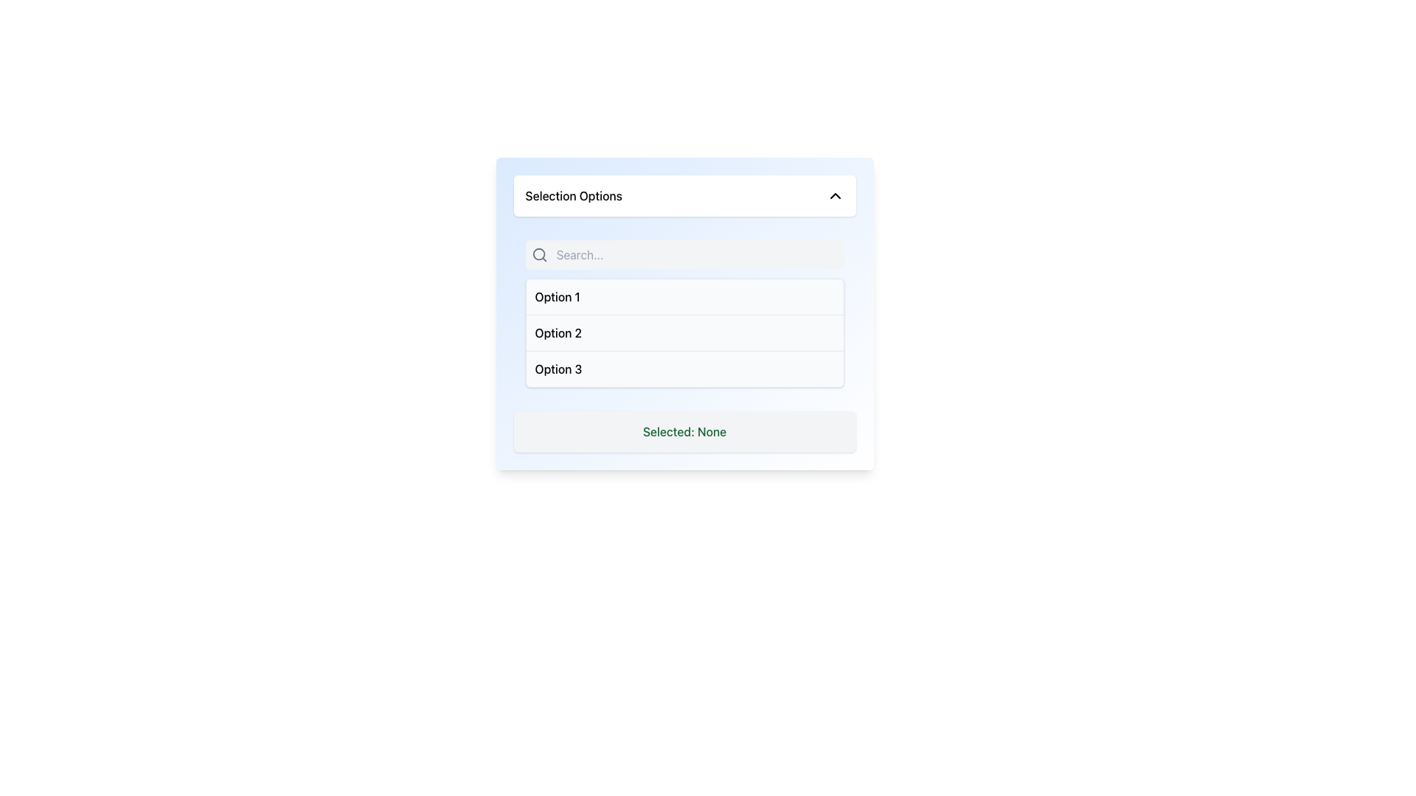 Image resolution: width=1416 pixels, height=796 pixels. What do you see at coordinates (835, 195) in the screenshot?
I see `the chevron icon indicating a dropdown menu located at the far right edge of the 'Selection Options' bar` at bounding box center [835, 195].